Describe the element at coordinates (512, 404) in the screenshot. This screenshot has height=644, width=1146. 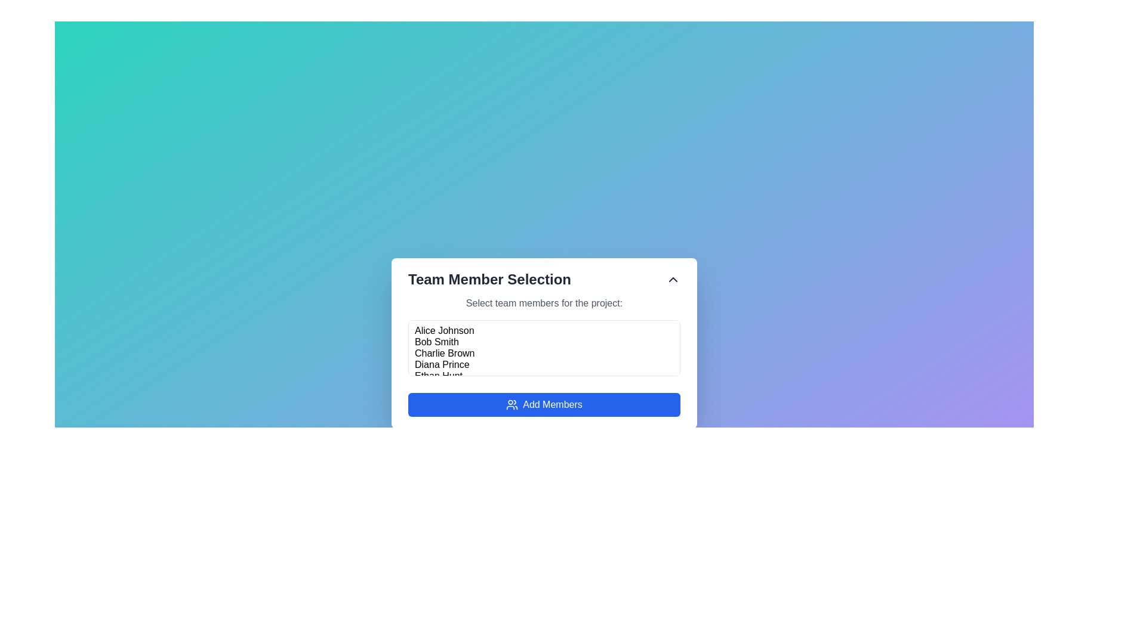
I see `the icon representing a group of people on the blue button labeled 'Add Members' at the bottom of the 'Team Member Selection' modal` at that location.